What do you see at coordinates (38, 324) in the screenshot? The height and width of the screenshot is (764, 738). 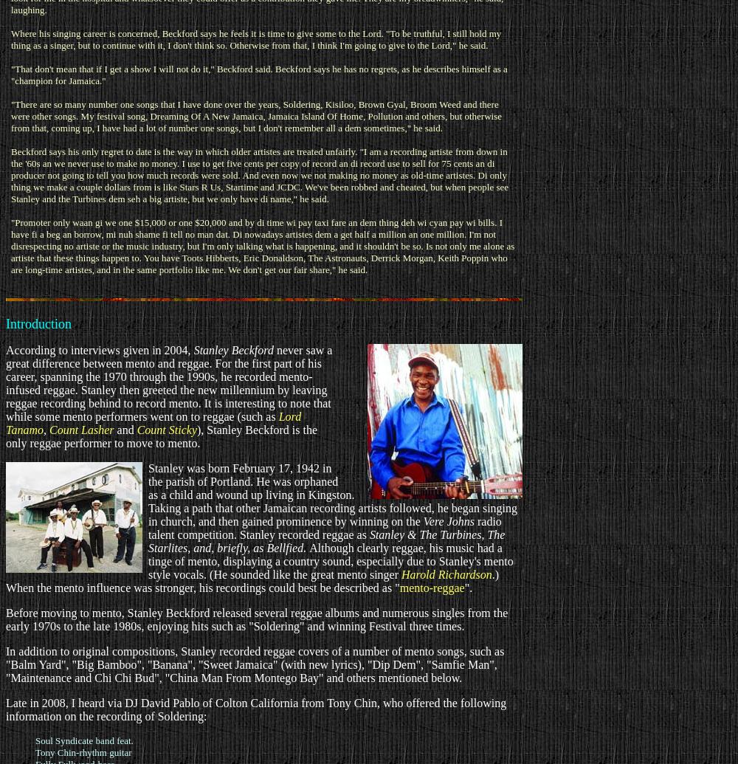 I see `'Introduction'` at bounding box center [38, 324].